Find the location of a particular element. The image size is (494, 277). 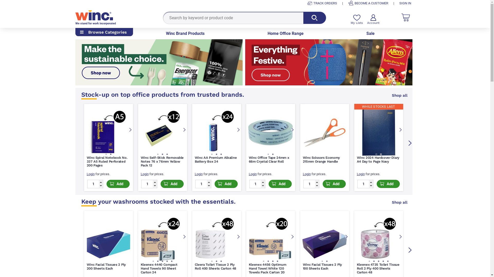

'Sale' is located at coordinates (366, 34).